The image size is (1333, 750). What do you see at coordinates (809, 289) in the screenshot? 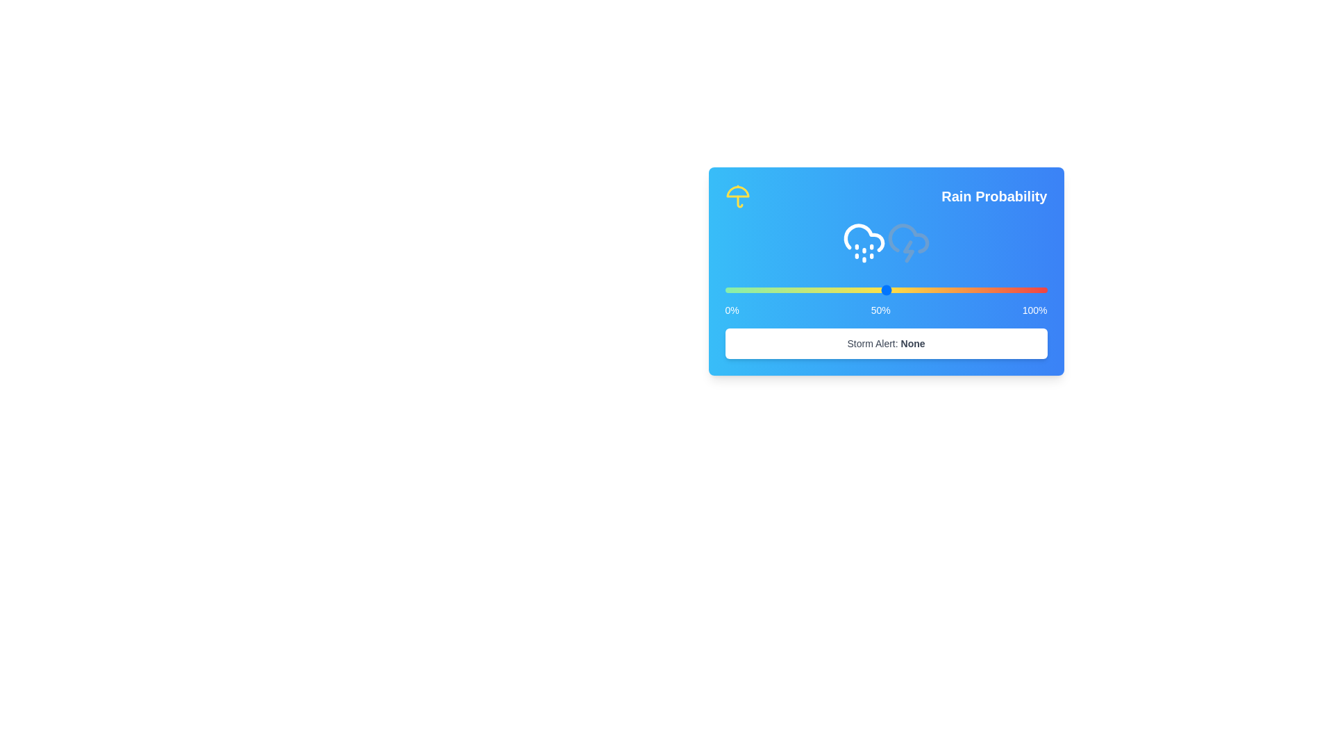
I see `the rain probability slider to 26%` at bounding box center [809, 289].